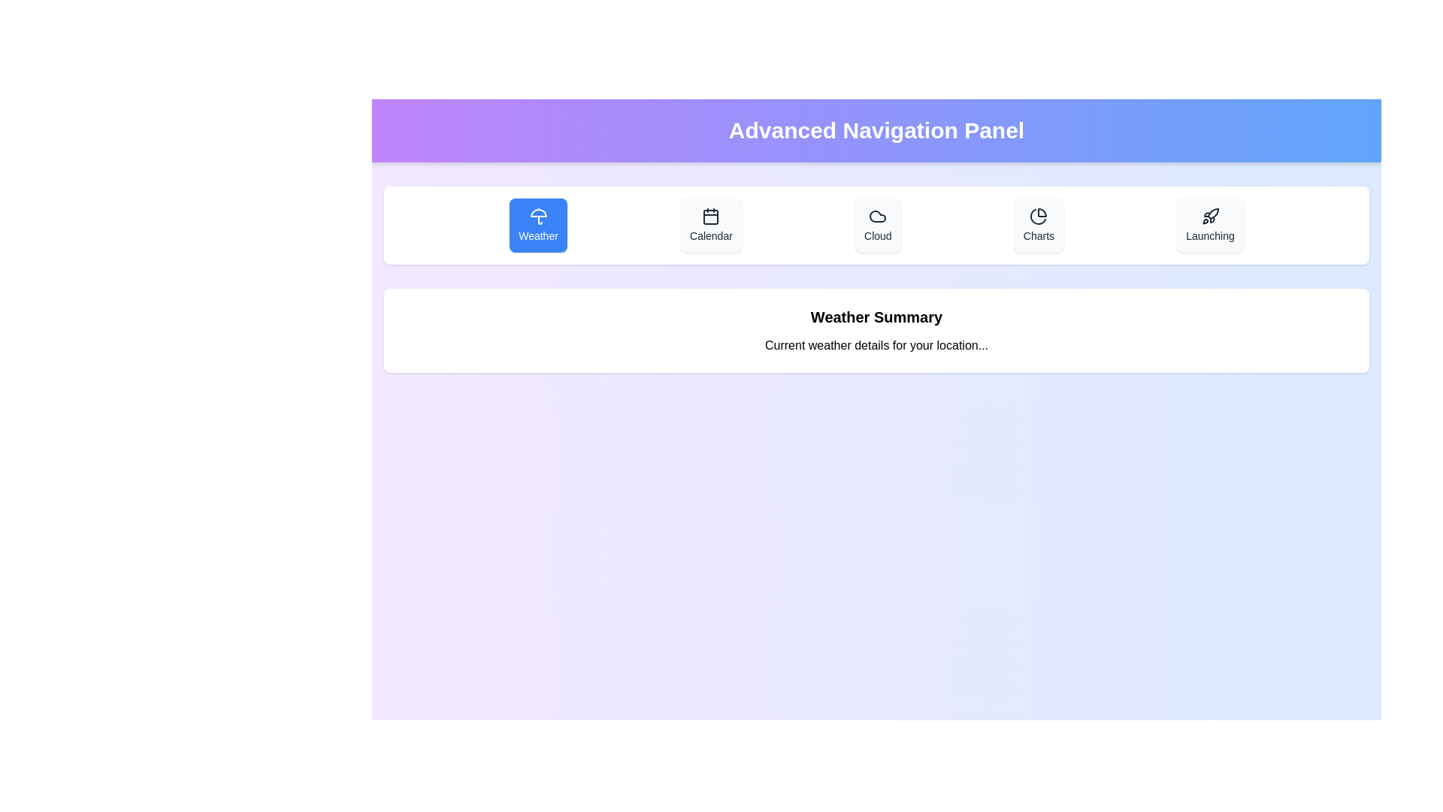  I want to click on the 'Charts' text label located below the pie chart icon for accessibility navigation, so click(1038, 235).